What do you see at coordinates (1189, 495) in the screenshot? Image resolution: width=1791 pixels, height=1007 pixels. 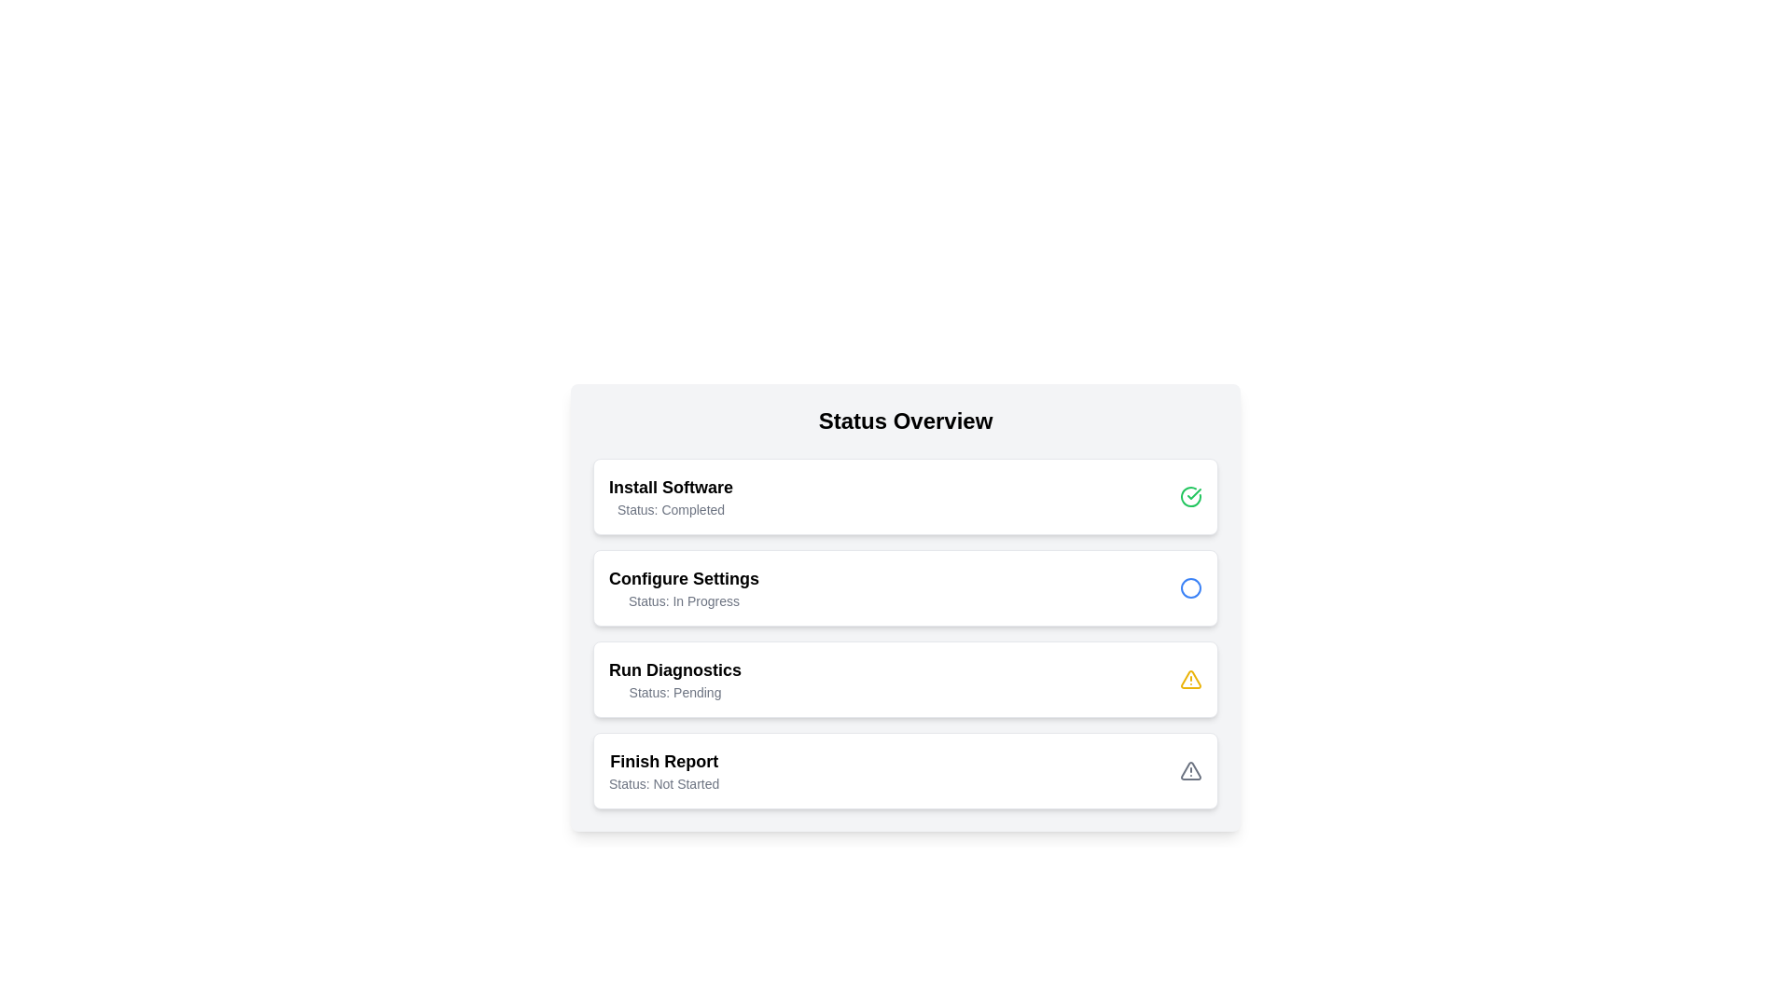 I see `the completion status icon for the 'Install Software' task, which indicates that the task has been successfully completed` at bounding box center [1189, 495].